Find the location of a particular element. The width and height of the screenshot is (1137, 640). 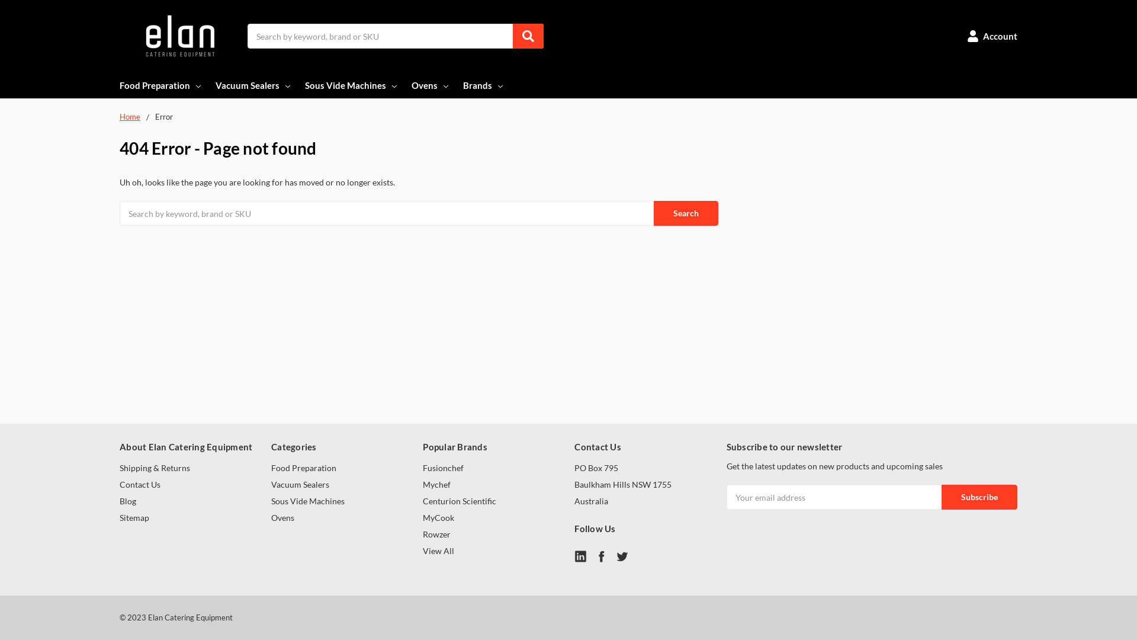

'MyCook' is located at coordinates (438, 517).